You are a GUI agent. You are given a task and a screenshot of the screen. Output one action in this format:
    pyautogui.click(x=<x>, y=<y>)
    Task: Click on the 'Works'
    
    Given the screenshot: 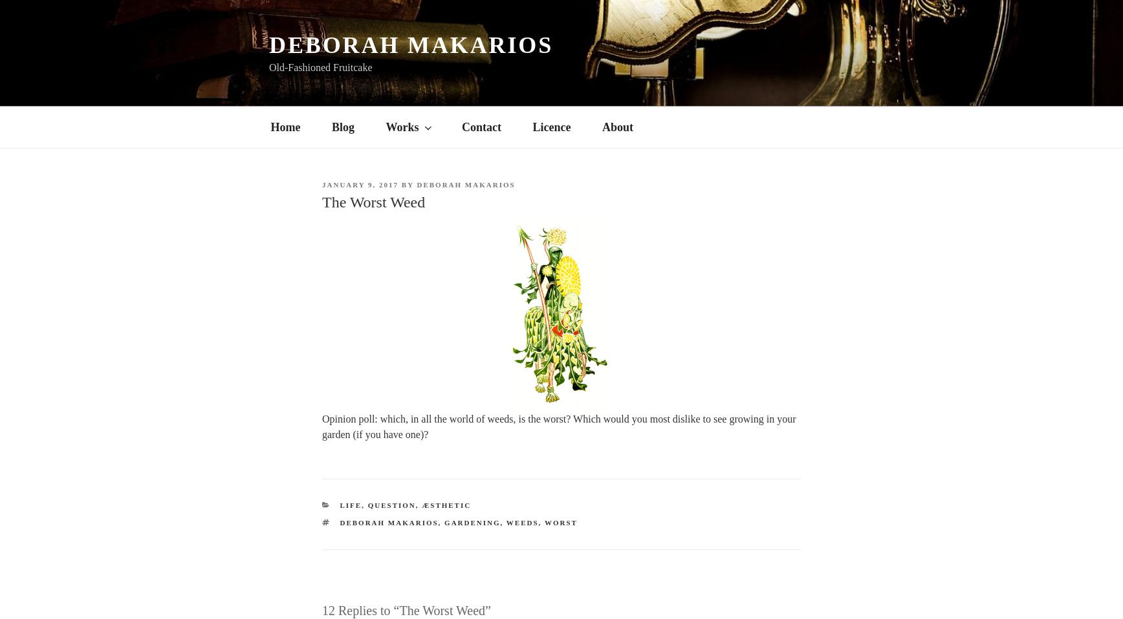 What is the action you would take?
    pyautogui.click(x=402, y=126)
    